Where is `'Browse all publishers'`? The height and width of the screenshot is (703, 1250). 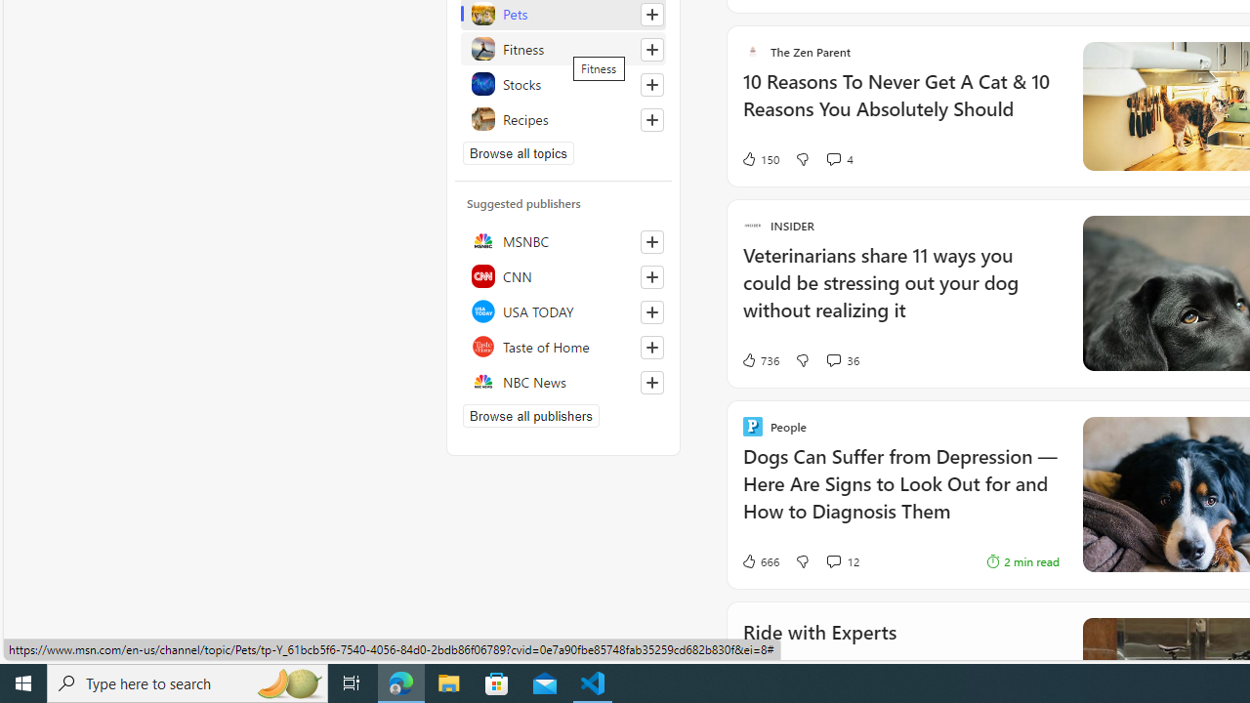
'Browse all publishers' is located at coordinates (531, 414).